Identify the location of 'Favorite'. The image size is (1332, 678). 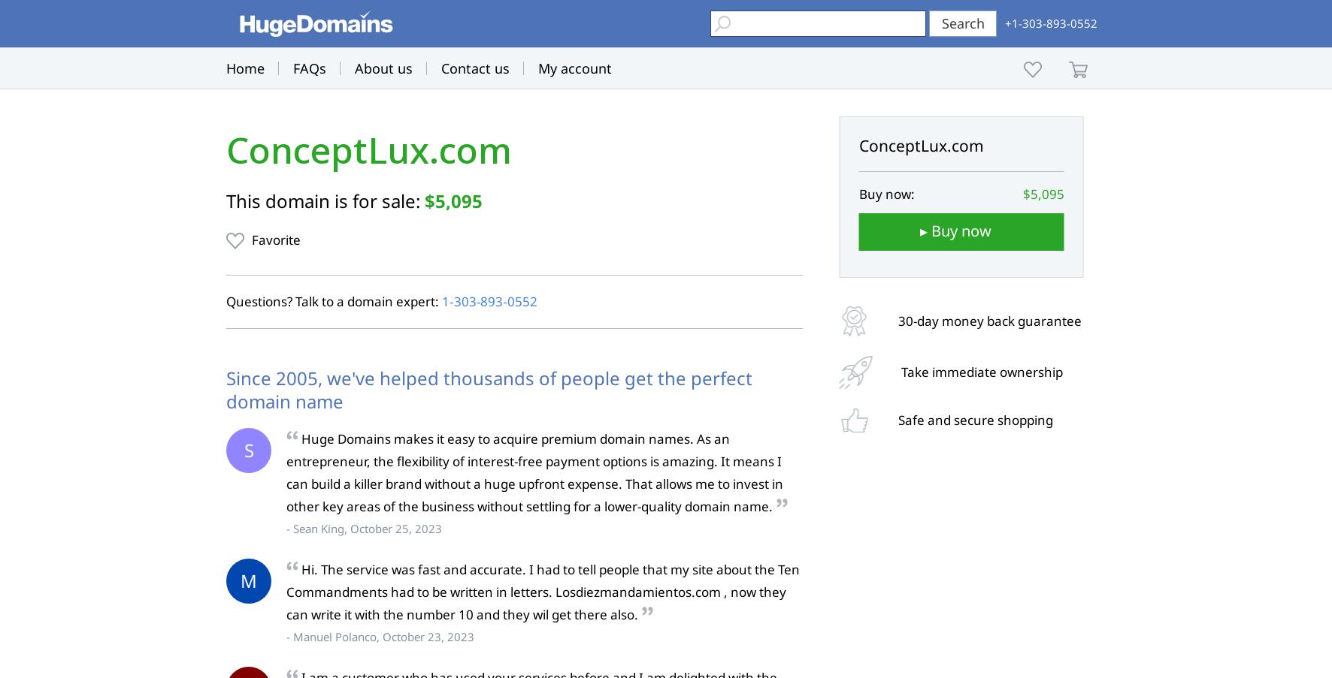
(252, 239).